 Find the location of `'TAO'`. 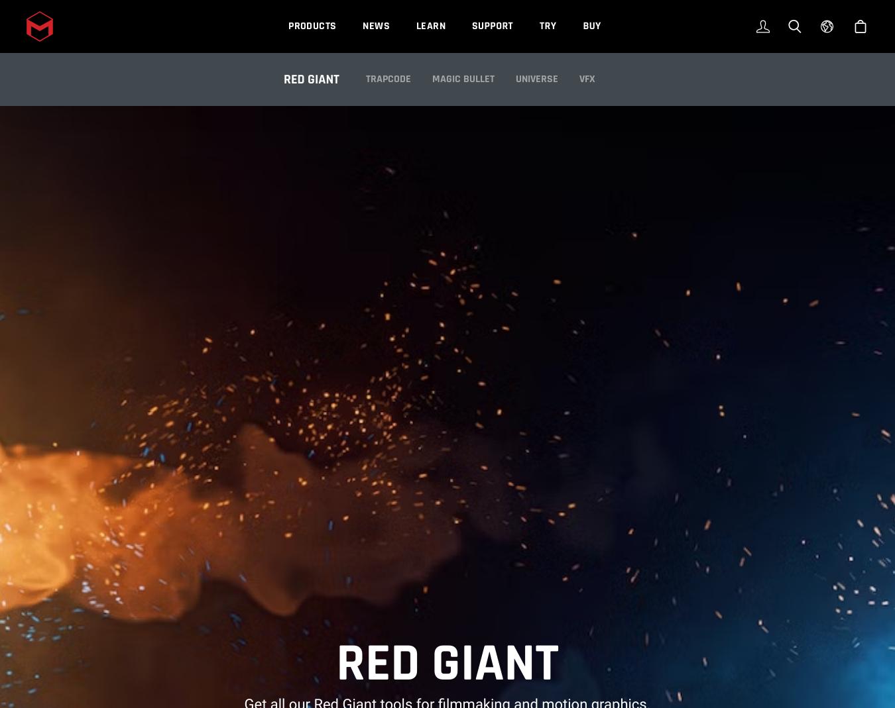

'TAO' is located at coordinates (374, 36).